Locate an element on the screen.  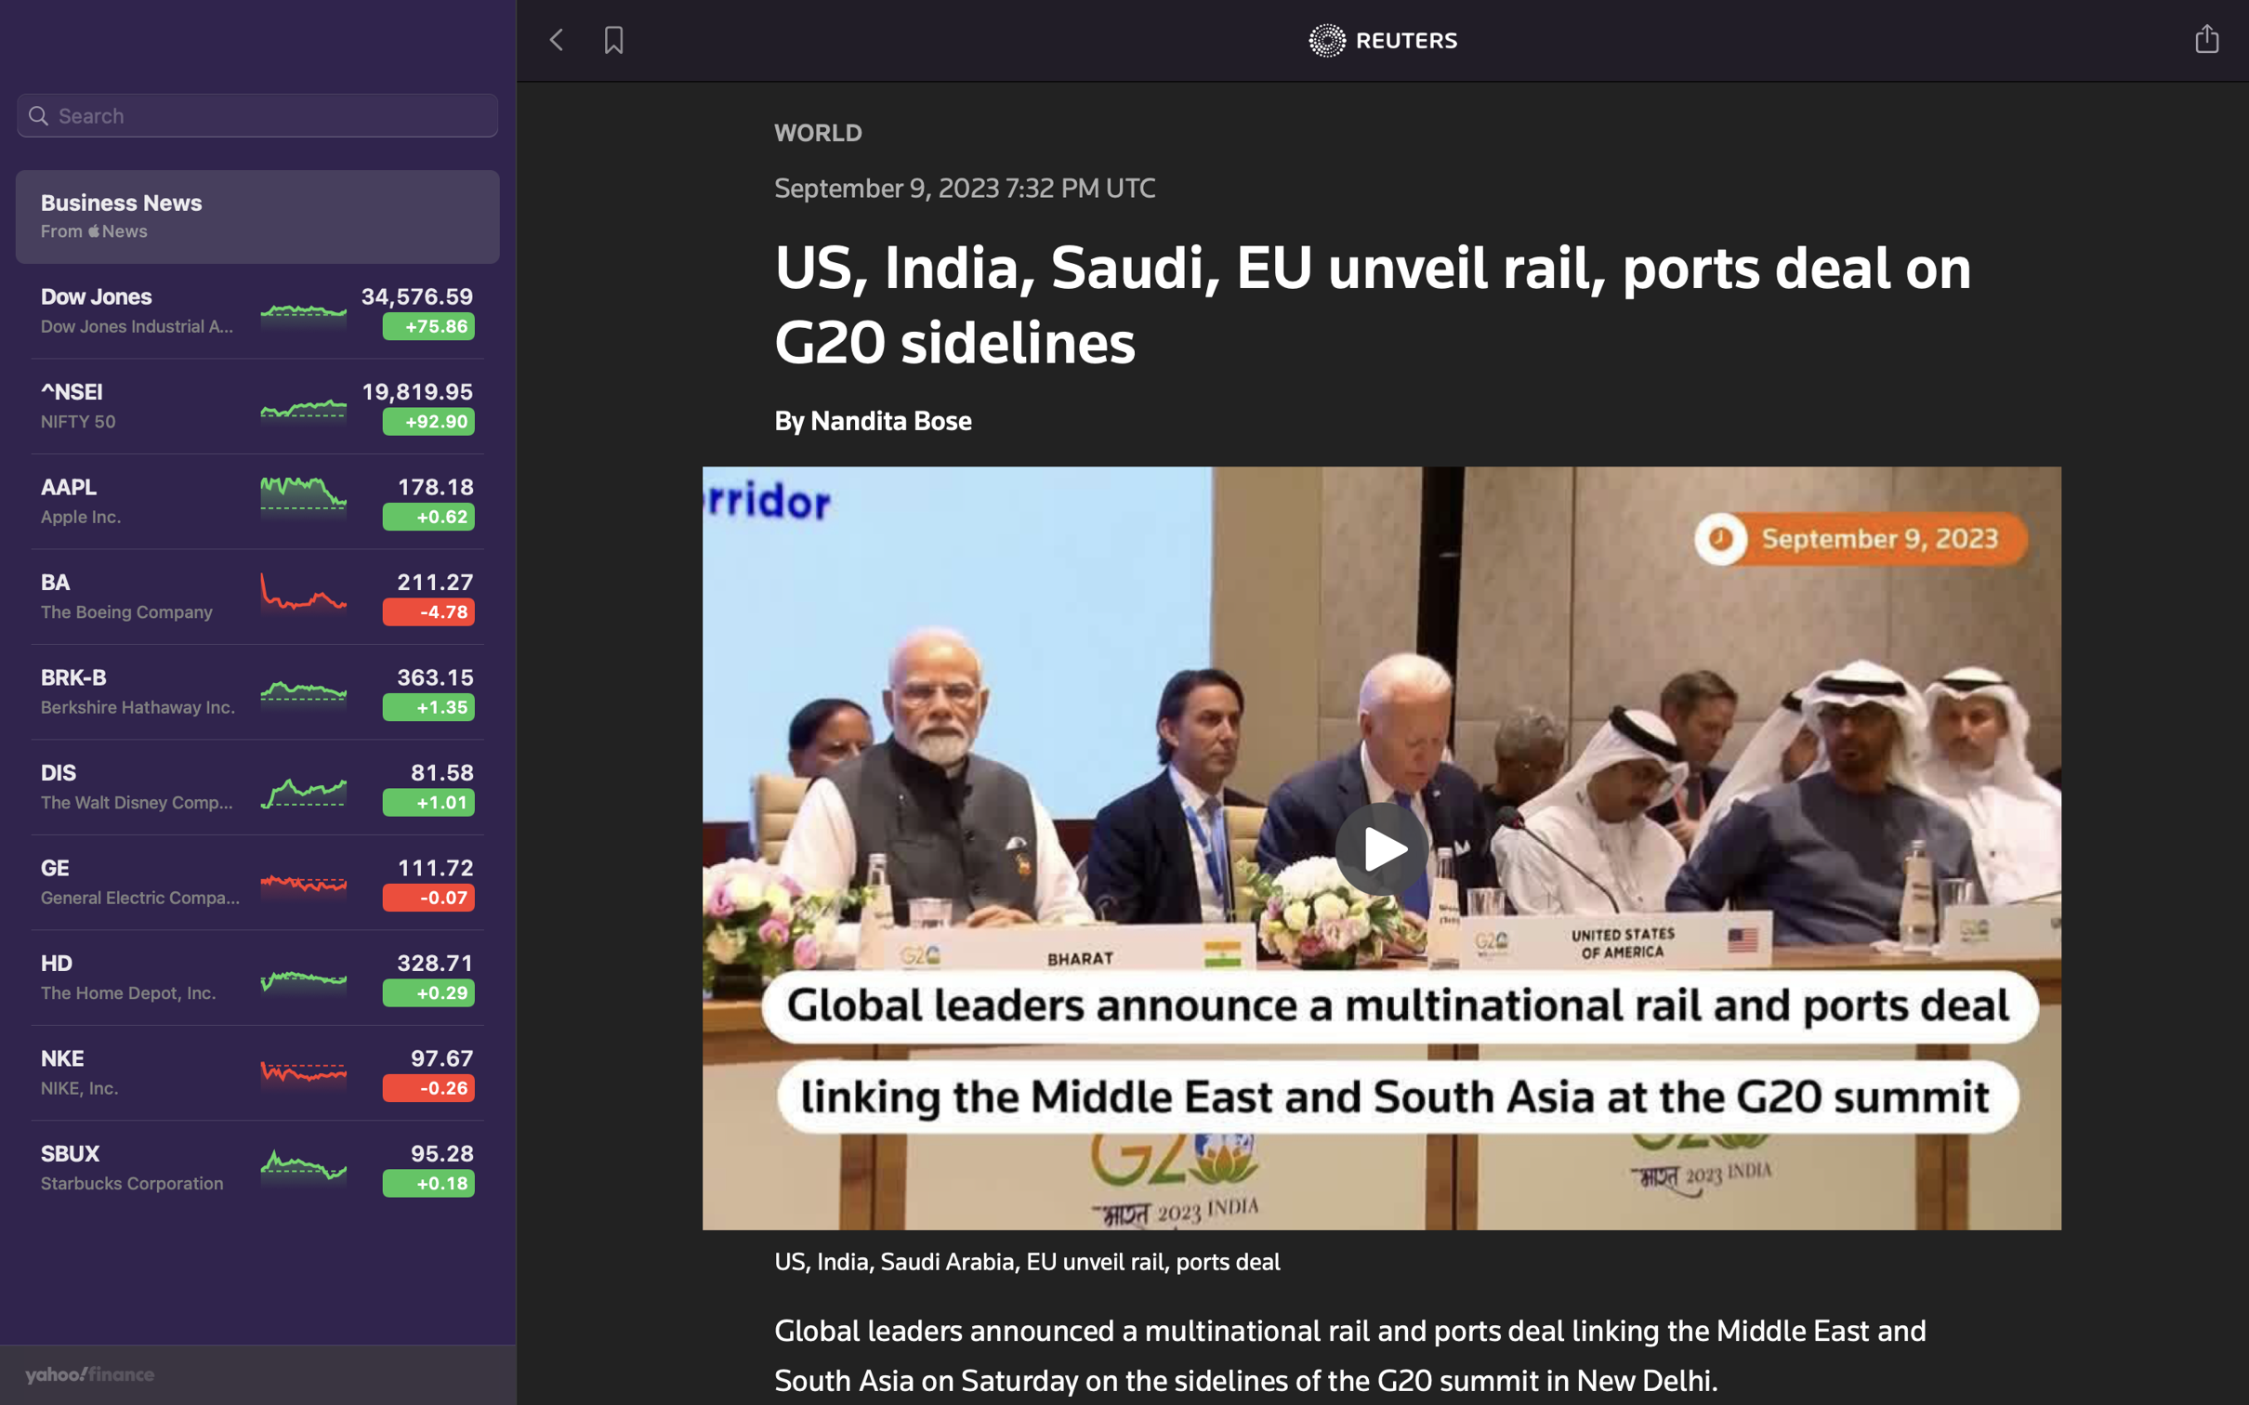
Search for news related to Dow Jones is located at coordinates (258, 118).